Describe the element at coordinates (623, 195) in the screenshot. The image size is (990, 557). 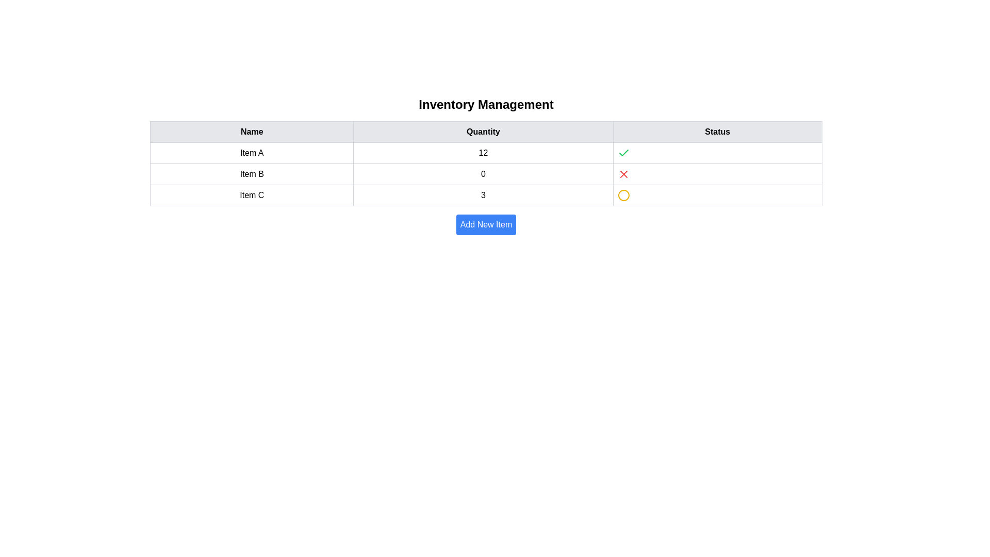
I see `properties of the circular status icon with a yellow outline and white interior located in the third row under the 'Status' column in the table` at that location.